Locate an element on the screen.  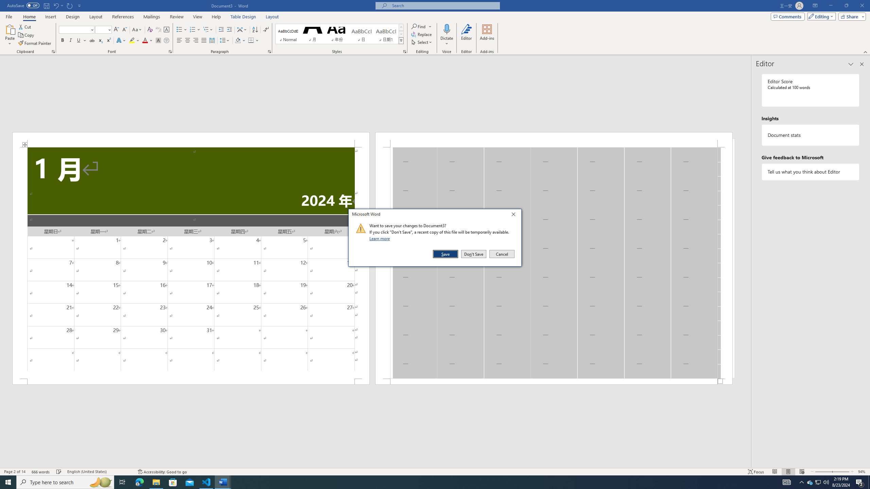
'Document statistics' is located at coordinates (810, 135).